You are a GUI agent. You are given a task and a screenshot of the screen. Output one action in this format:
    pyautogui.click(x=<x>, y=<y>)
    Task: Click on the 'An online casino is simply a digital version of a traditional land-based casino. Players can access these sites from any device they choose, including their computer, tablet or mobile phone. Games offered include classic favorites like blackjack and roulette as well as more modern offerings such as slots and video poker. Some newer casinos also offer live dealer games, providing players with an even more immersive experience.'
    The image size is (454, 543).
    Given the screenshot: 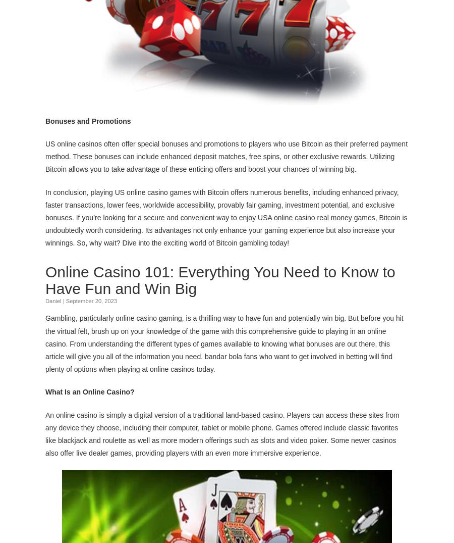 What is the action you would take?
    pyautogui.click(x=45, y=433)
    